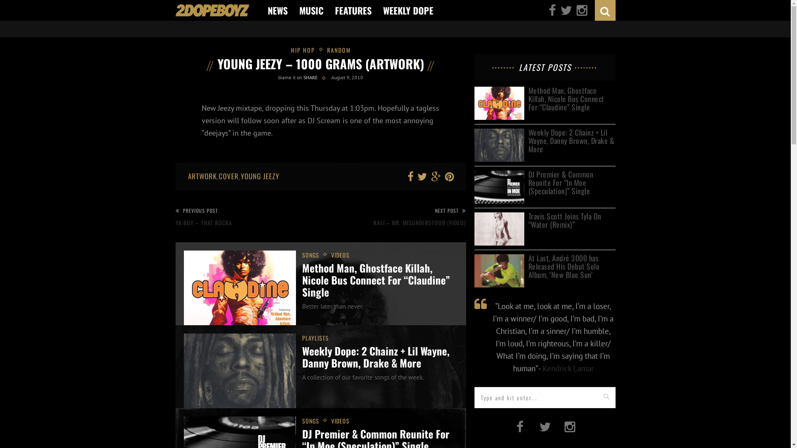  I want to click on 'VIDEOS', so click(340, 421).